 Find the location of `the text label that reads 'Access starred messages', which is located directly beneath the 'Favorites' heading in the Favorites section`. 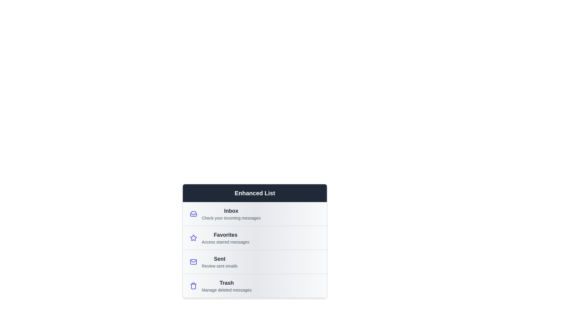

the text label that reads 'Access starred messages', which is located directly beneath the 'Favorites' heading in the Favorites section is located at coordinates (225, 242).